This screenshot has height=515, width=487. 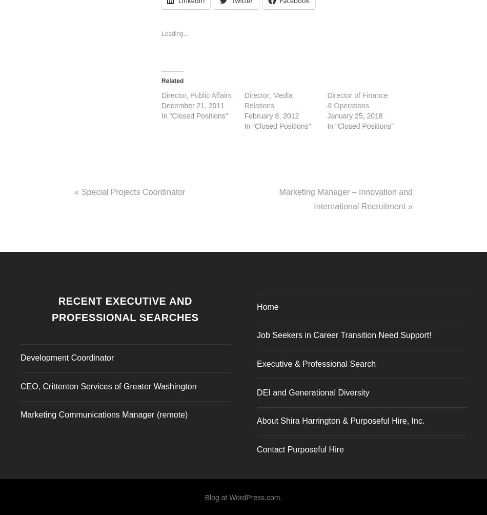 What do you see at coordinates (343, 332) in the screenshot?
I see `'Job Seekers in Career Transition Need Support!'` at bounding box center [343, 332].